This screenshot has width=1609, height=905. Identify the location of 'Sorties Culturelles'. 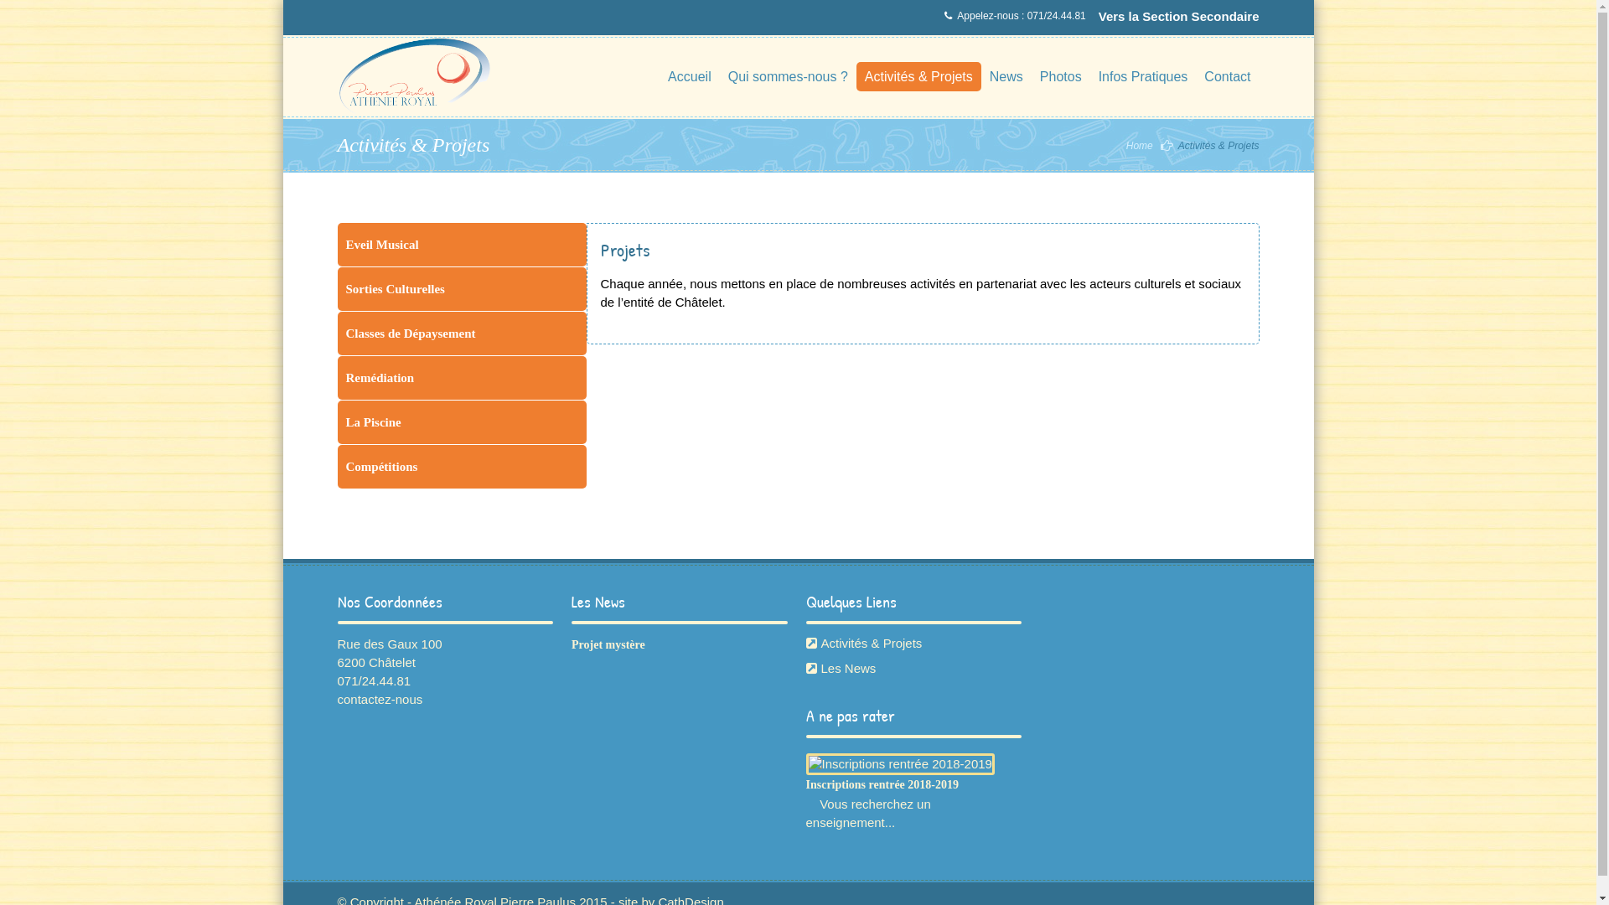
(461, 287).